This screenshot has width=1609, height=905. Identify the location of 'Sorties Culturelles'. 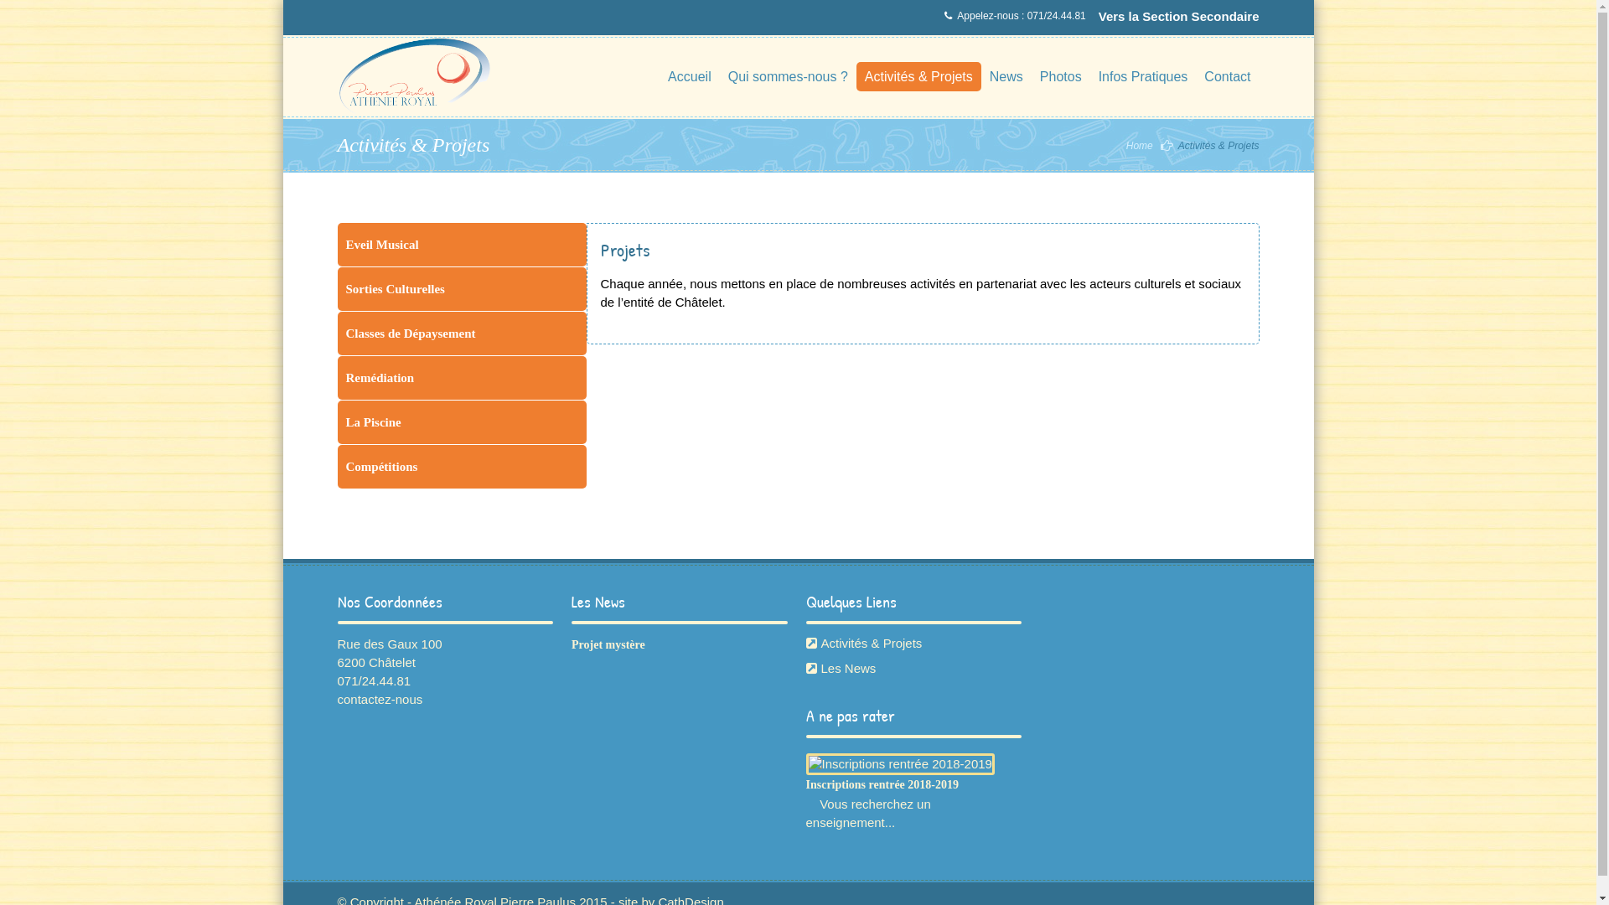
(461, 287).